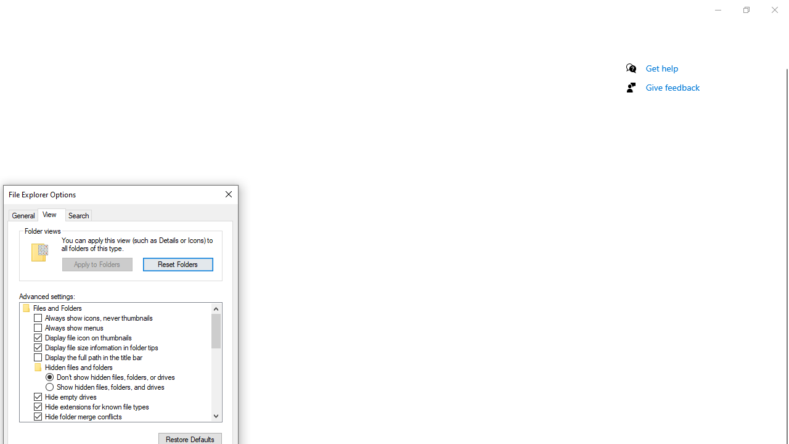 This screenshot has height=444, width=789. I want to click on 'Reset Folders', so click(177, 263).